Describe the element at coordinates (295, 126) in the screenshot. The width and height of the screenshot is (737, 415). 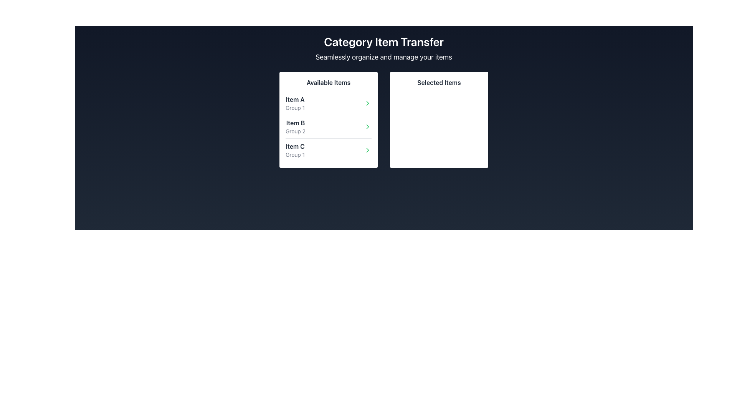
I see `the static text display showing 'Item B' with a description 'Group 2', located in the 'Available Items' section as the second item in the list` at that location.